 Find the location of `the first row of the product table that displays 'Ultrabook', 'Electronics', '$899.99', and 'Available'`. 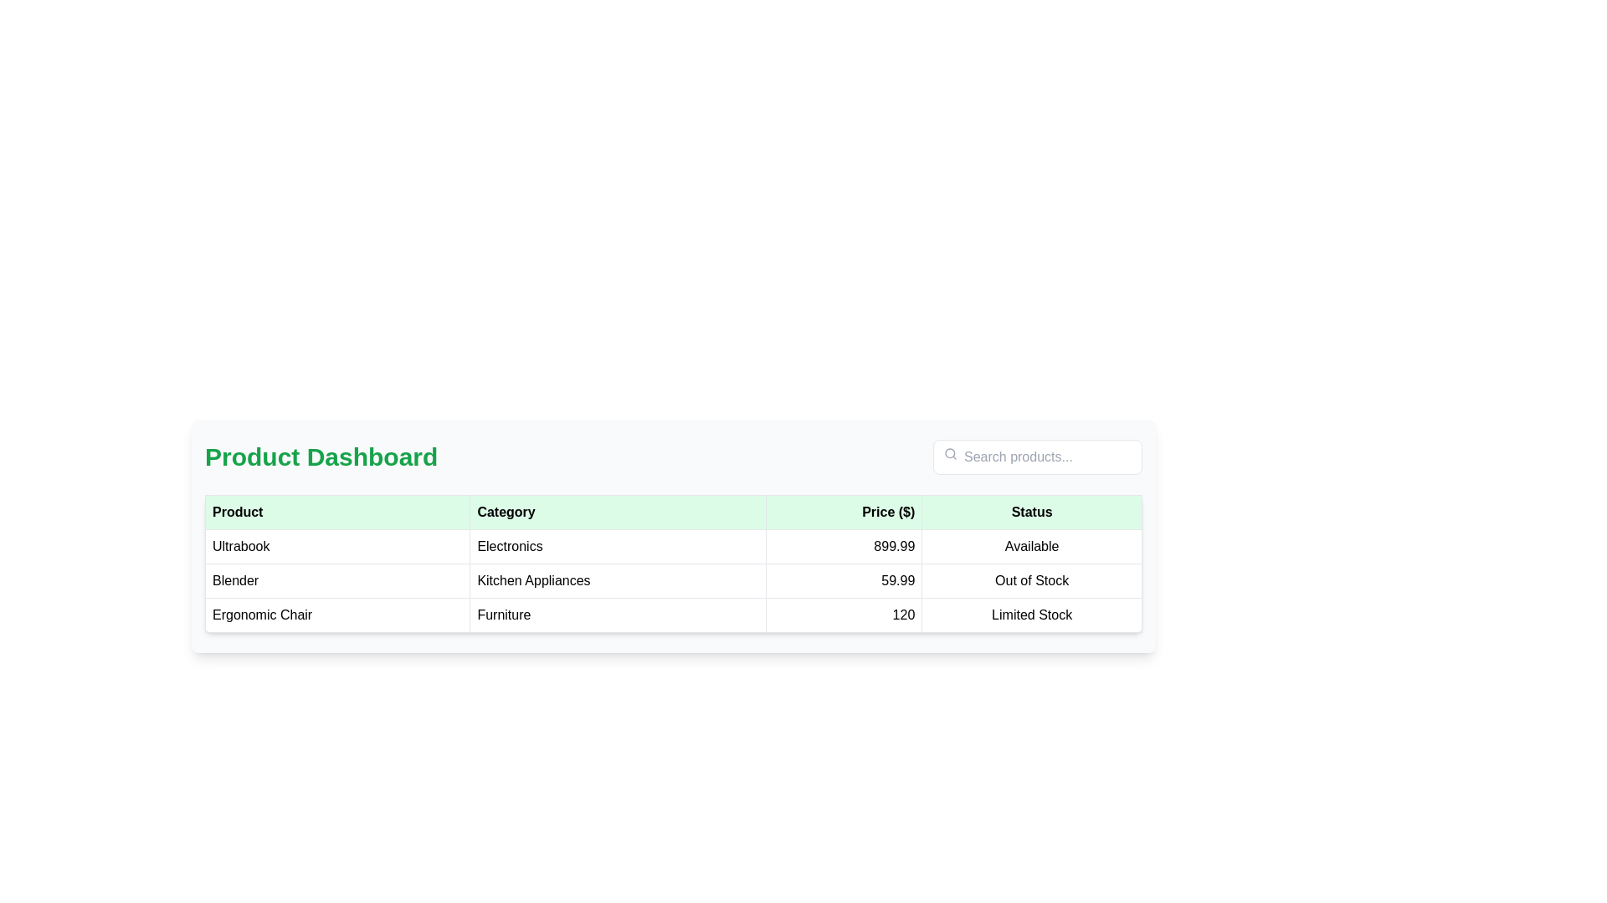

the first row of the product table that displays 'Ultrabook', 'Electronics', '$899.99', and 'Available' is located at coordinates (674, 547).